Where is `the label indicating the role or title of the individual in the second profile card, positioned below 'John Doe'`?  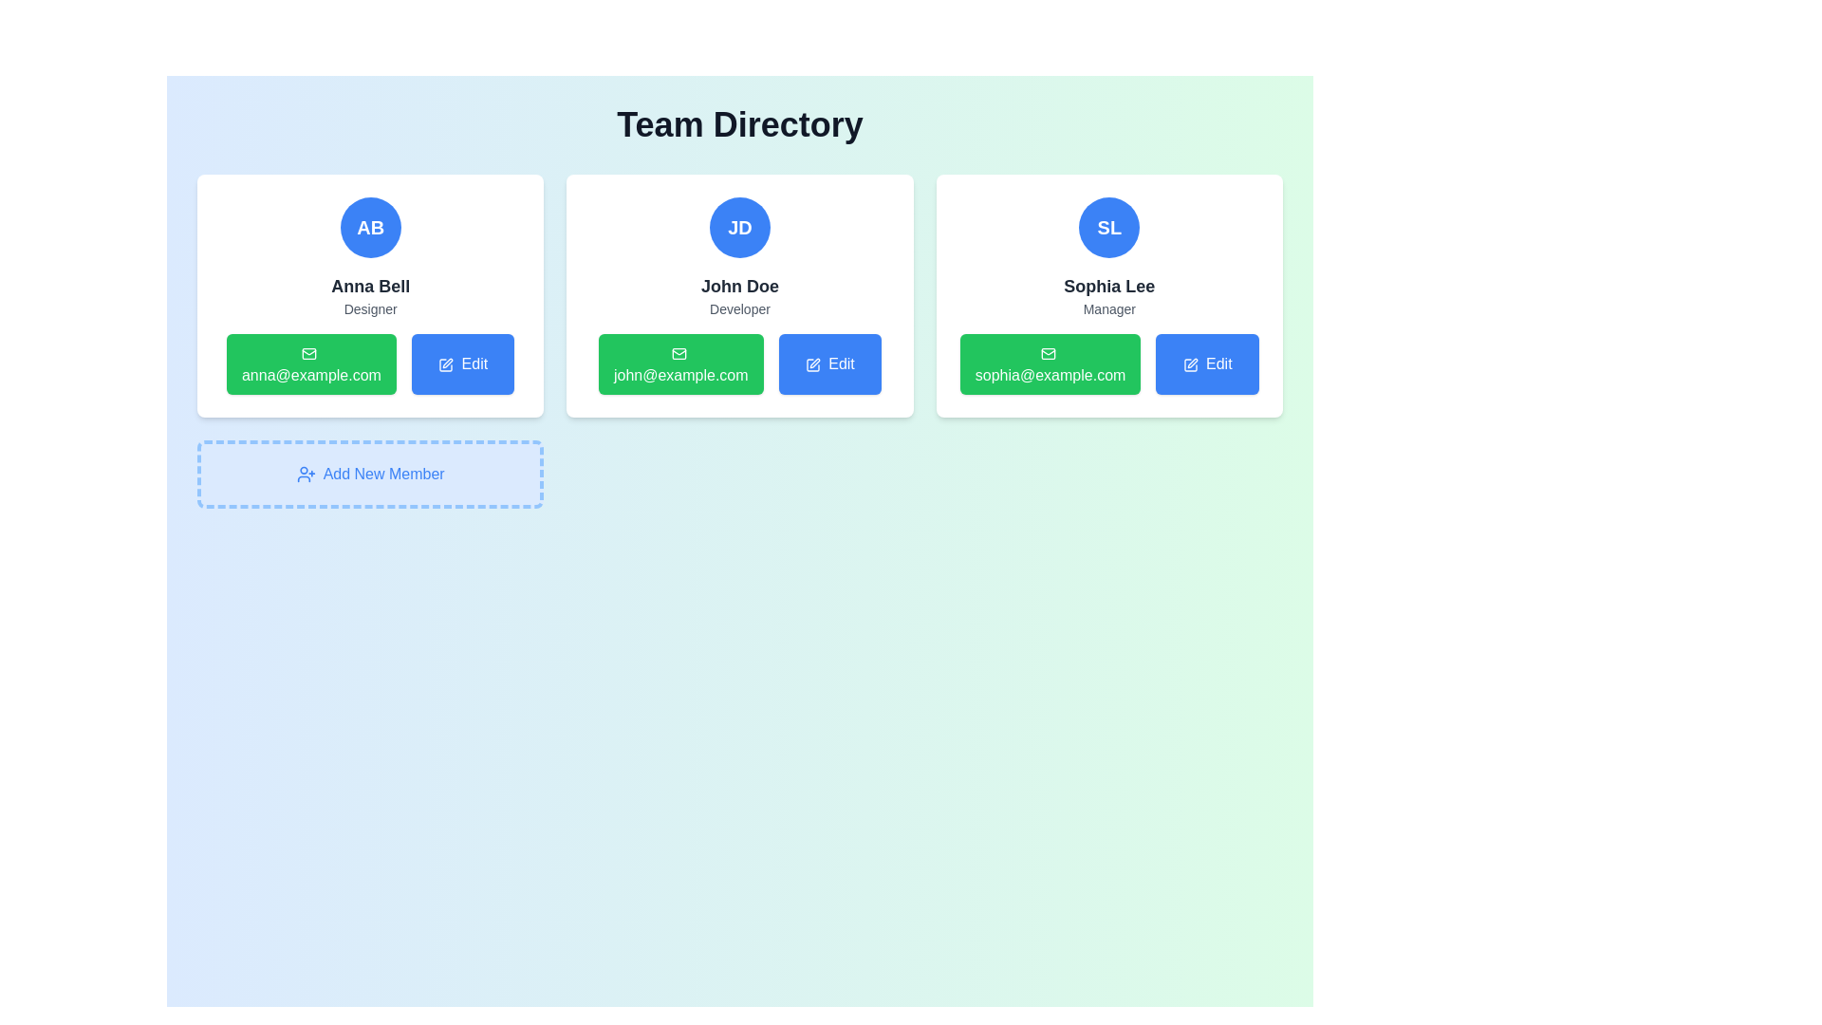
the label indicating the role or title of the individual in the second profile card, positioned below 'John Doe' is located at coordinates (738, 308).